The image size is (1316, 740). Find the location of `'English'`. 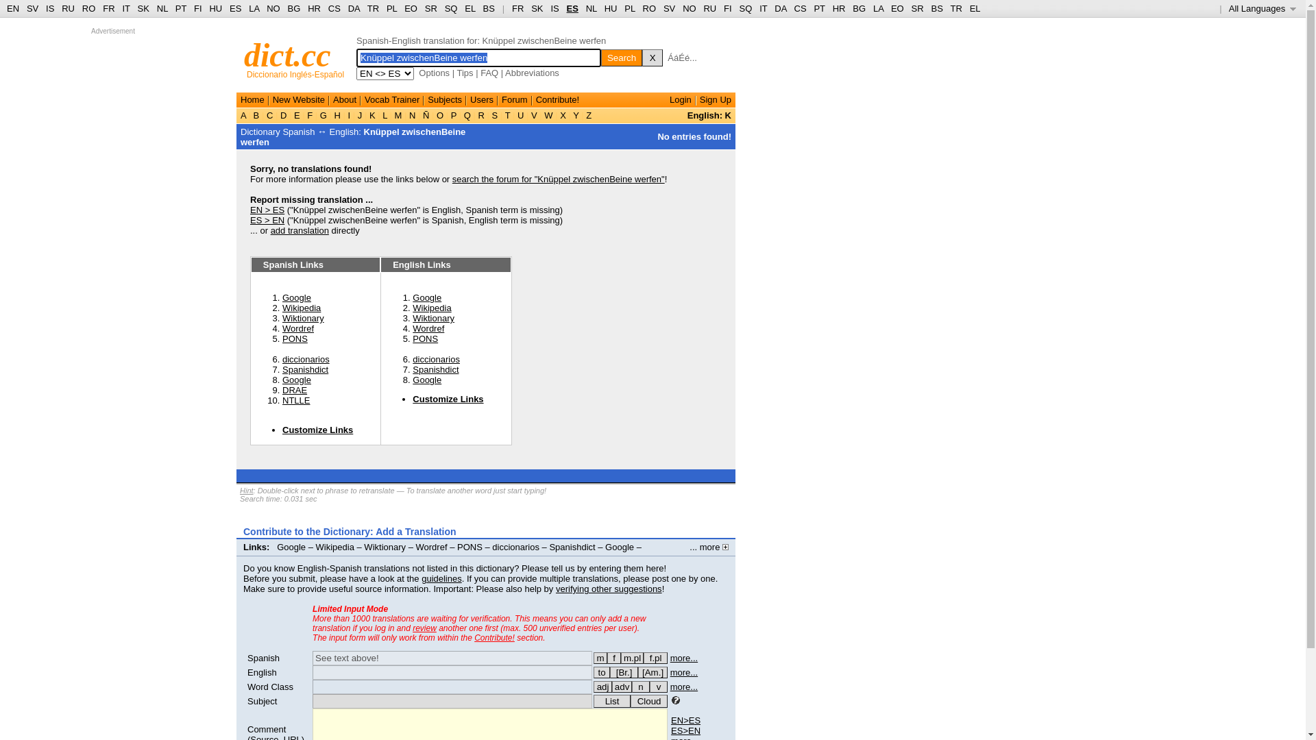

'English' is located at coordinates (262, 671).